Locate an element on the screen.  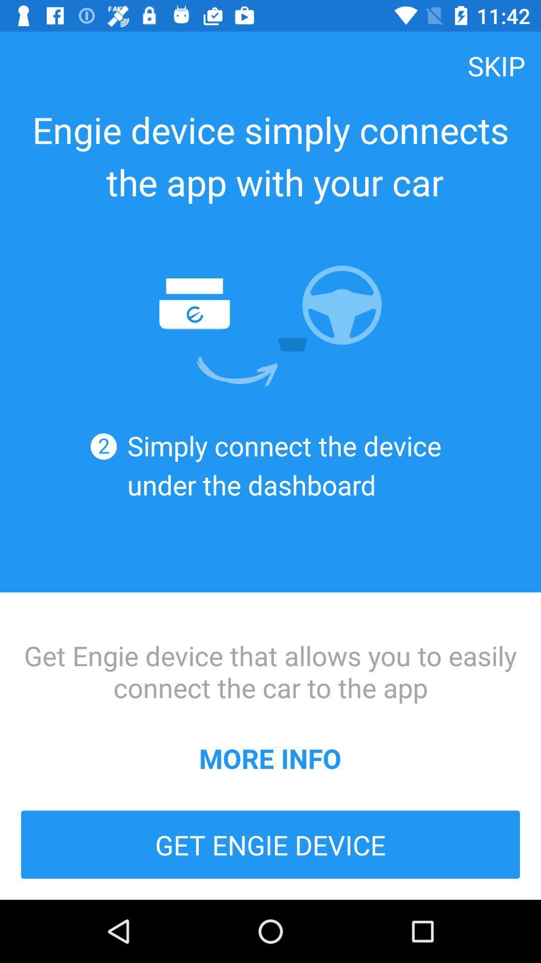
skip item is located at coordinates (496, 65).